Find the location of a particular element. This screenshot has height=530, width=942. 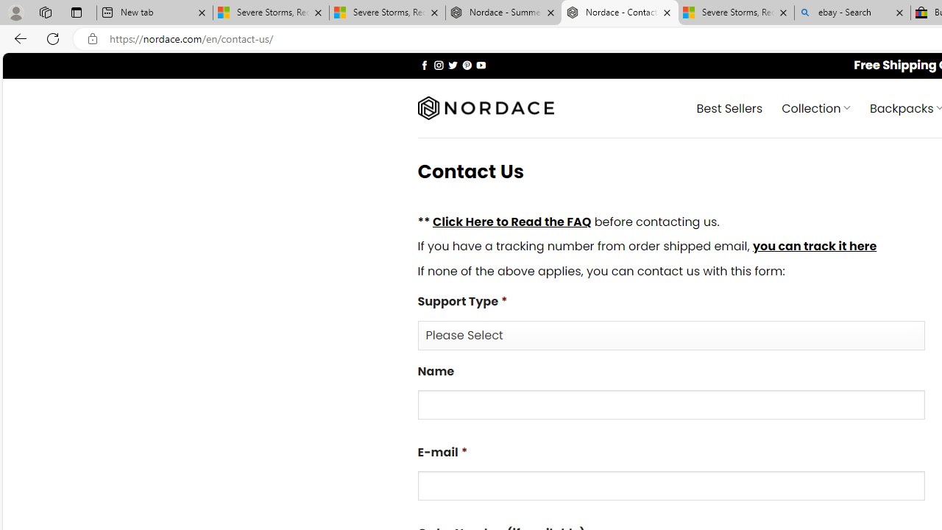

' Best Sellers' is located at coordinates (729, 107).